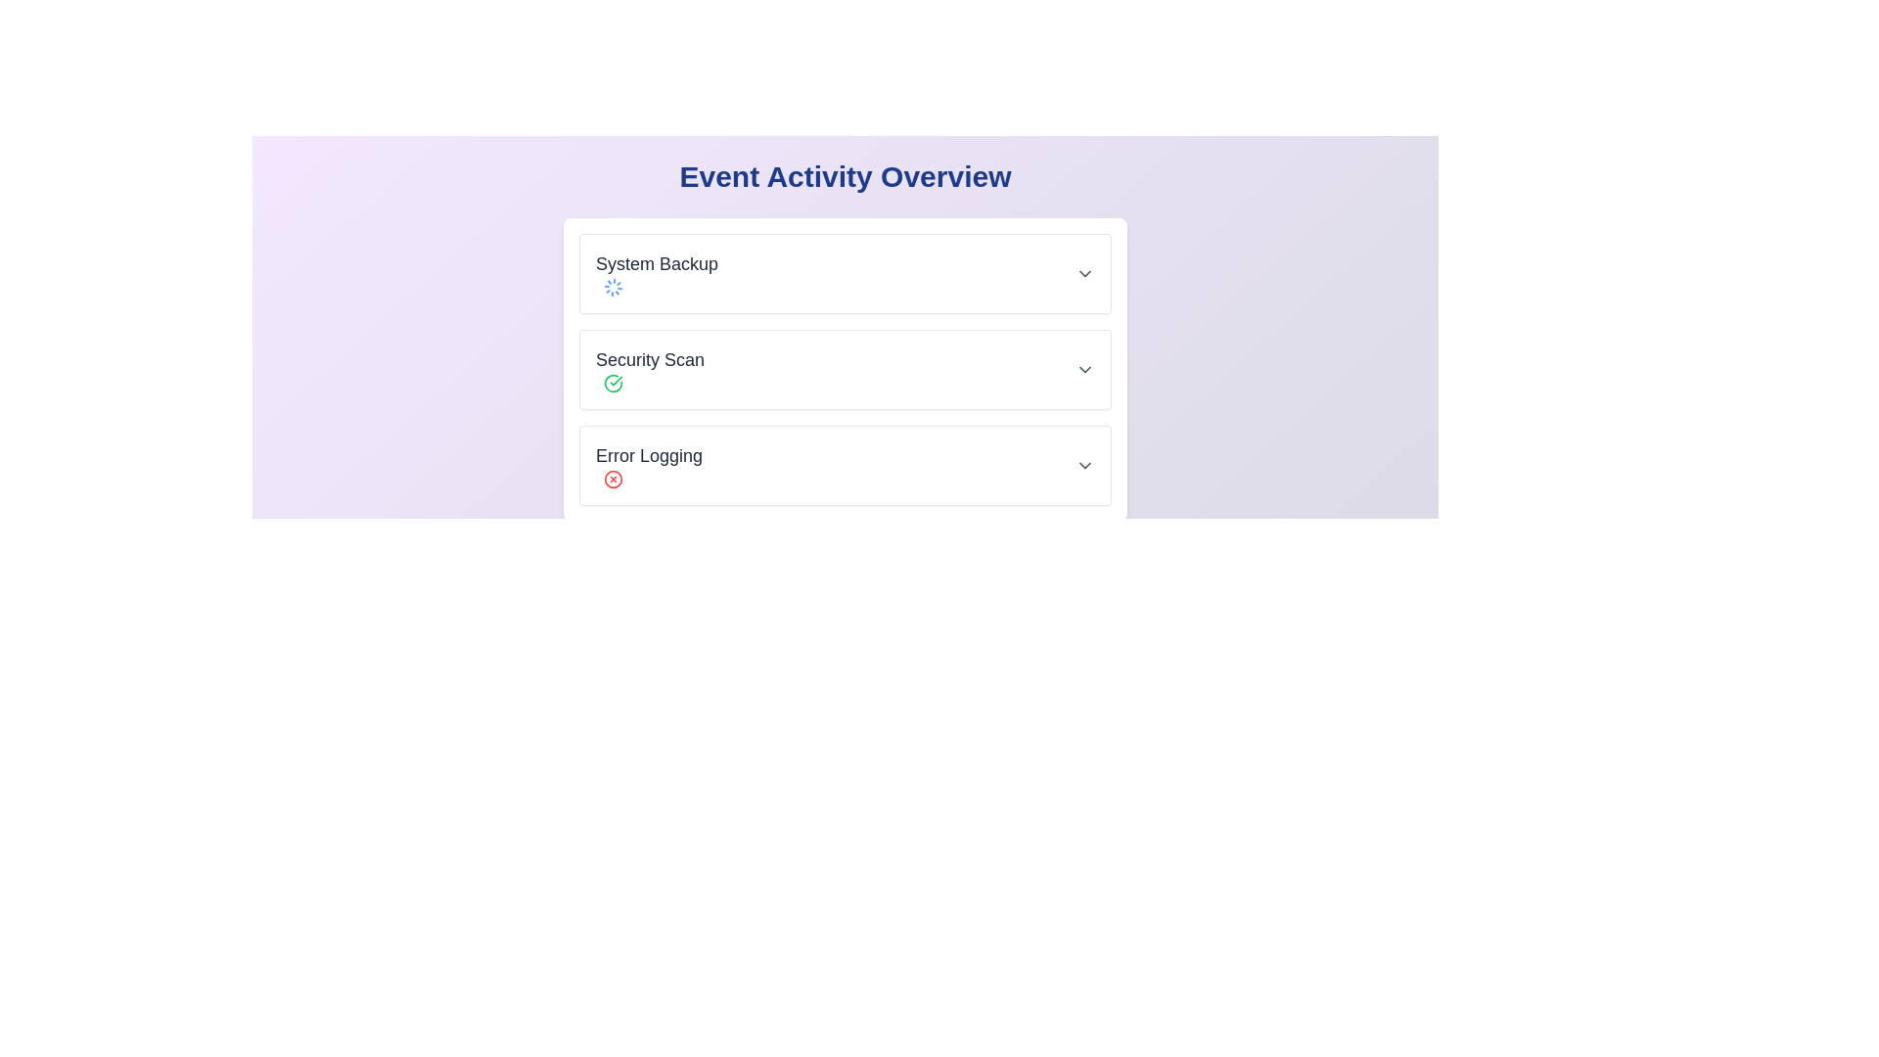  What do you see at coordinates (613, 479) in the screenshot?
I see `the error indicator icon located next to the 'Error Logging' text, which serves as a visual indicator of an error or issue` at bounding box center [613, 479].